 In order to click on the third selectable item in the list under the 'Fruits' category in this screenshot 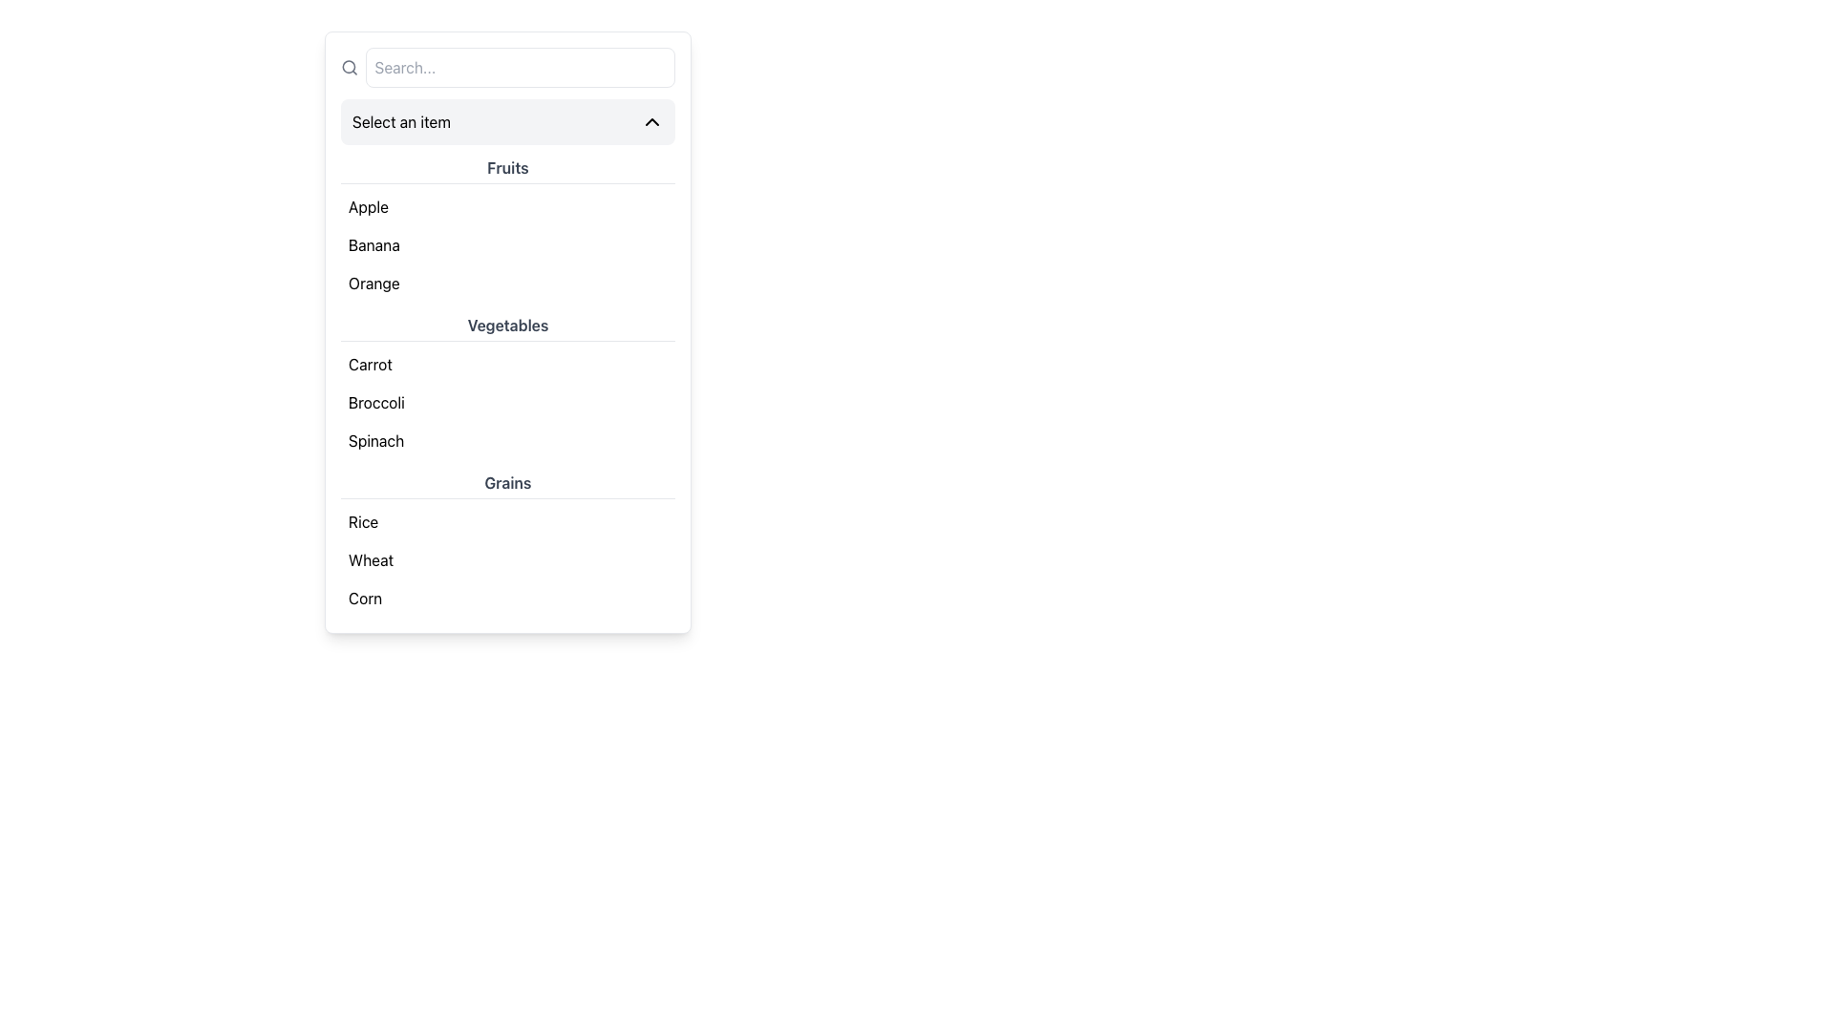, I will do `click(508, 284)`.